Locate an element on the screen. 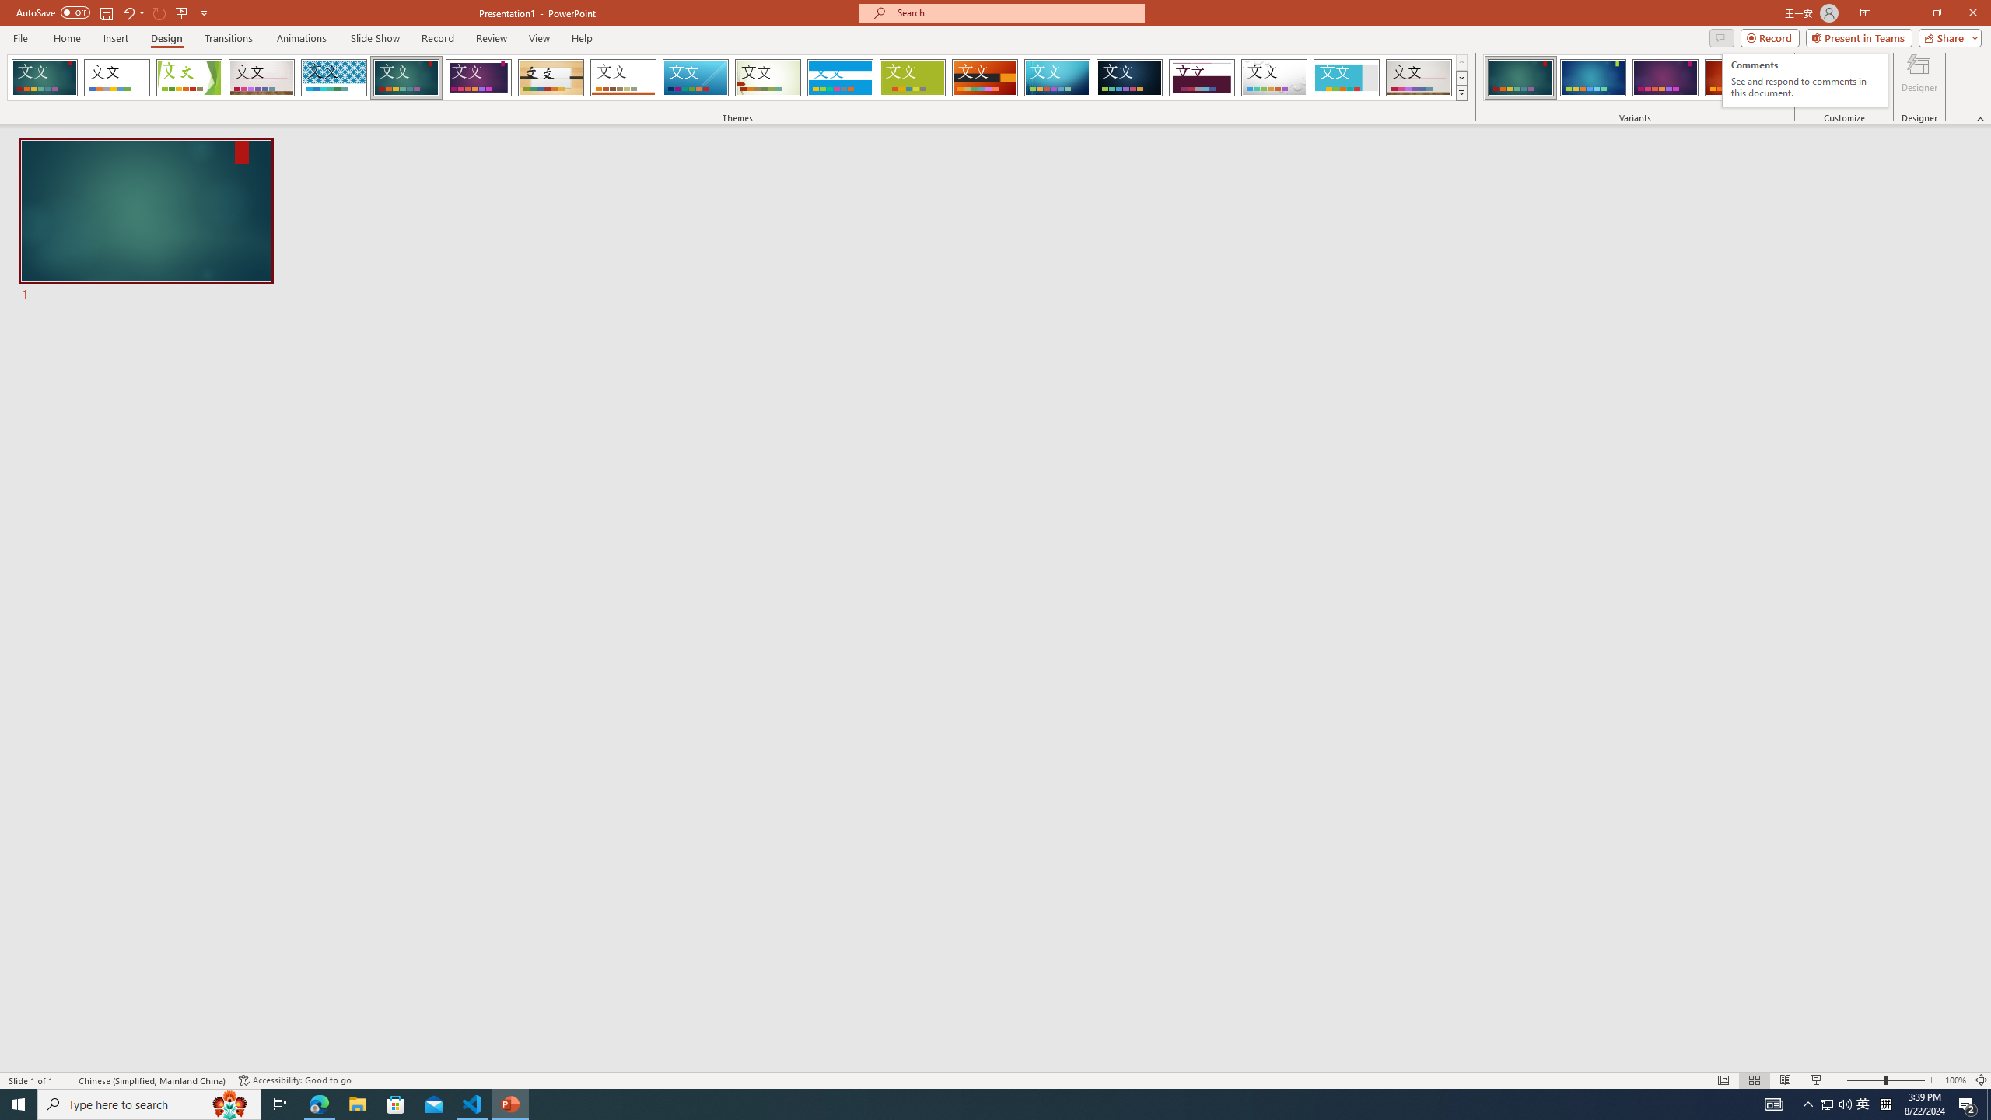  'Organic Loading Preview...' is located at coordinates (551, 77).